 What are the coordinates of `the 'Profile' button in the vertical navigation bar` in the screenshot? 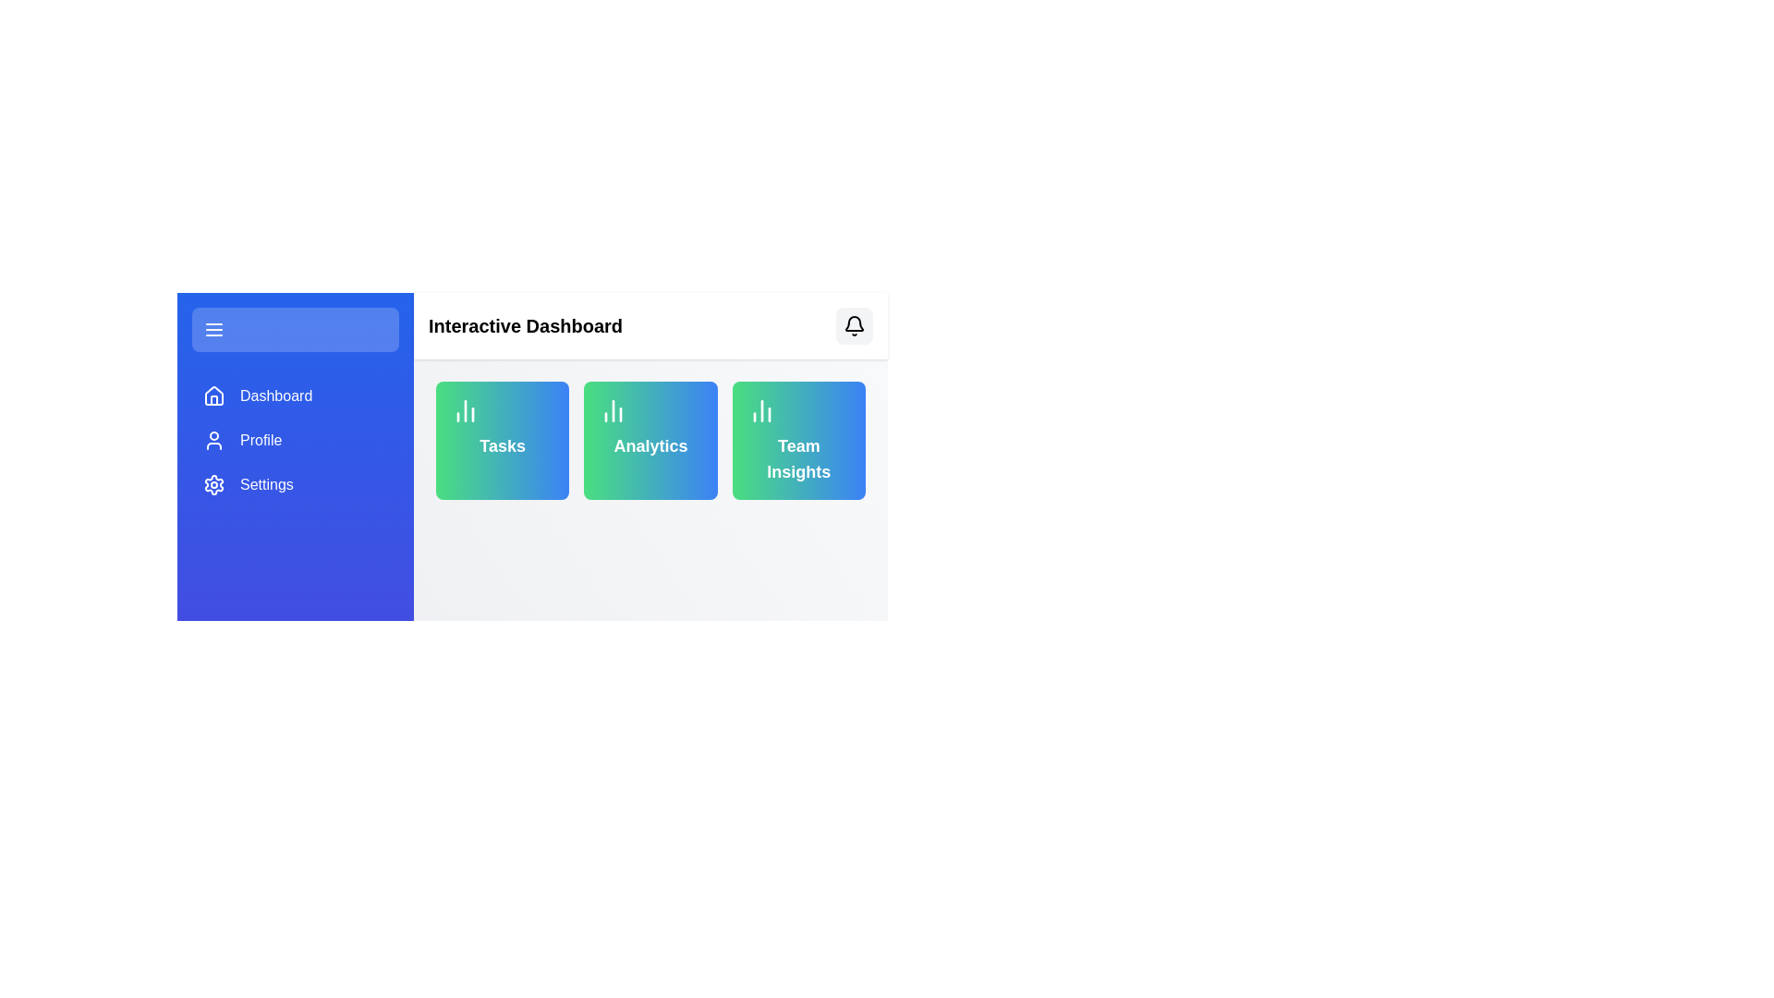 It's located at (296, 441).